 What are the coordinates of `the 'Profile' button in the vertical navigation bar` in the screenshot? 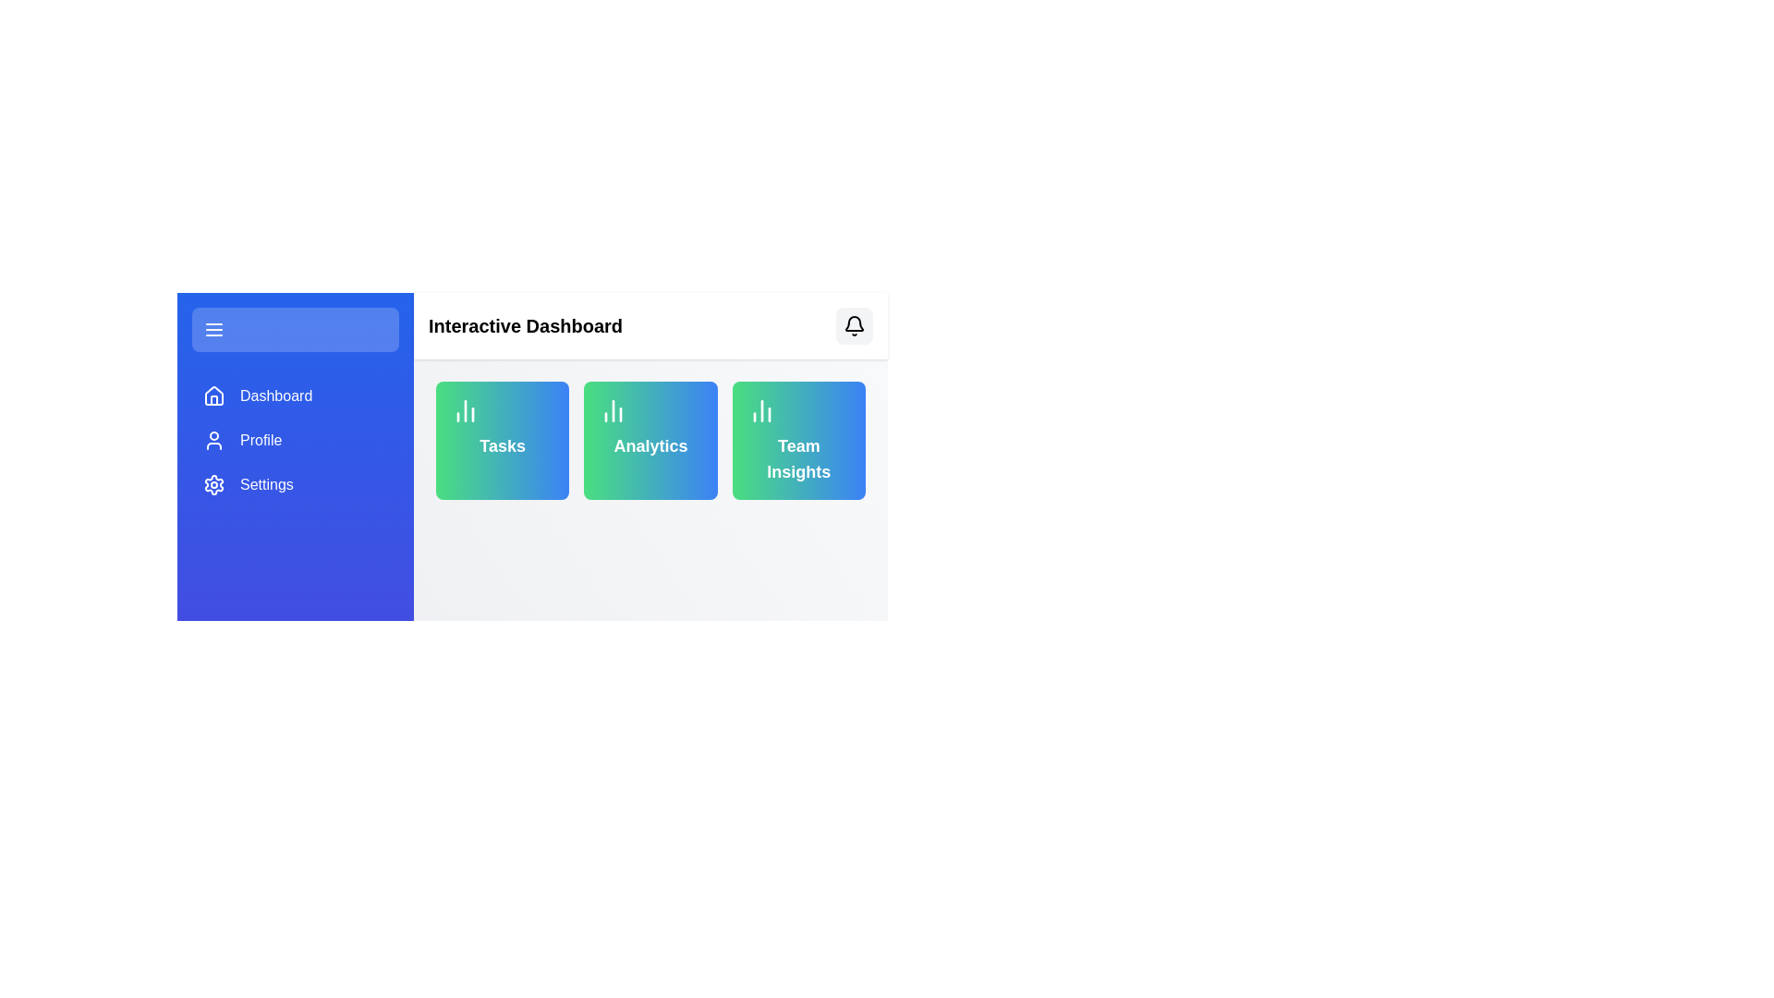 It's located at (296, 441).